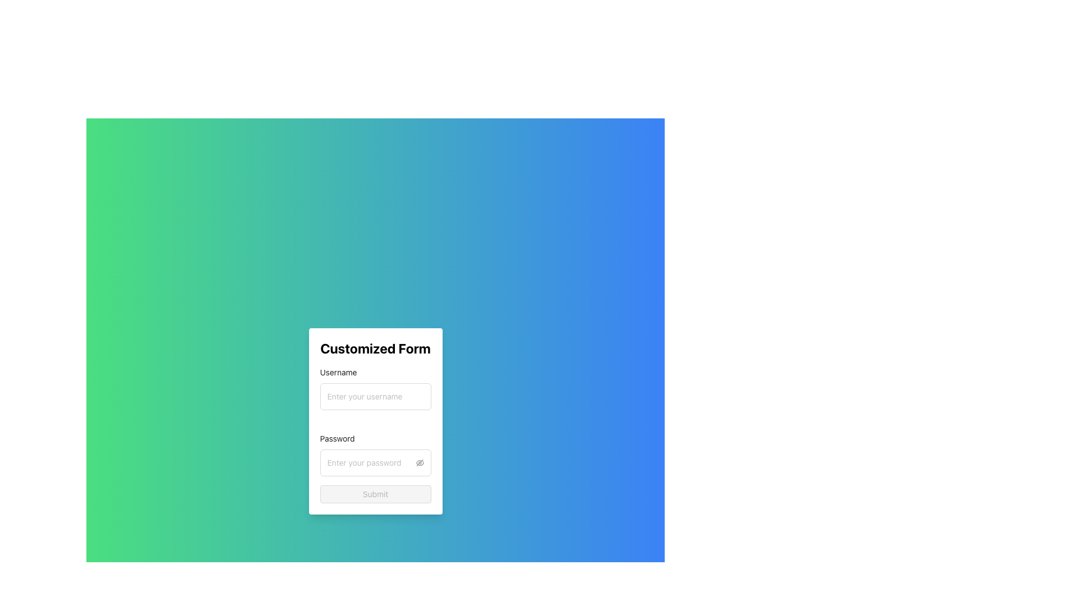 Image resolution: width=1077 pixels, height=606 pixels. Describe the element at coordinates (370, 463) in the screenshot. I see `the password input field located below the 'Password' label in the middle section of the form` at that location.